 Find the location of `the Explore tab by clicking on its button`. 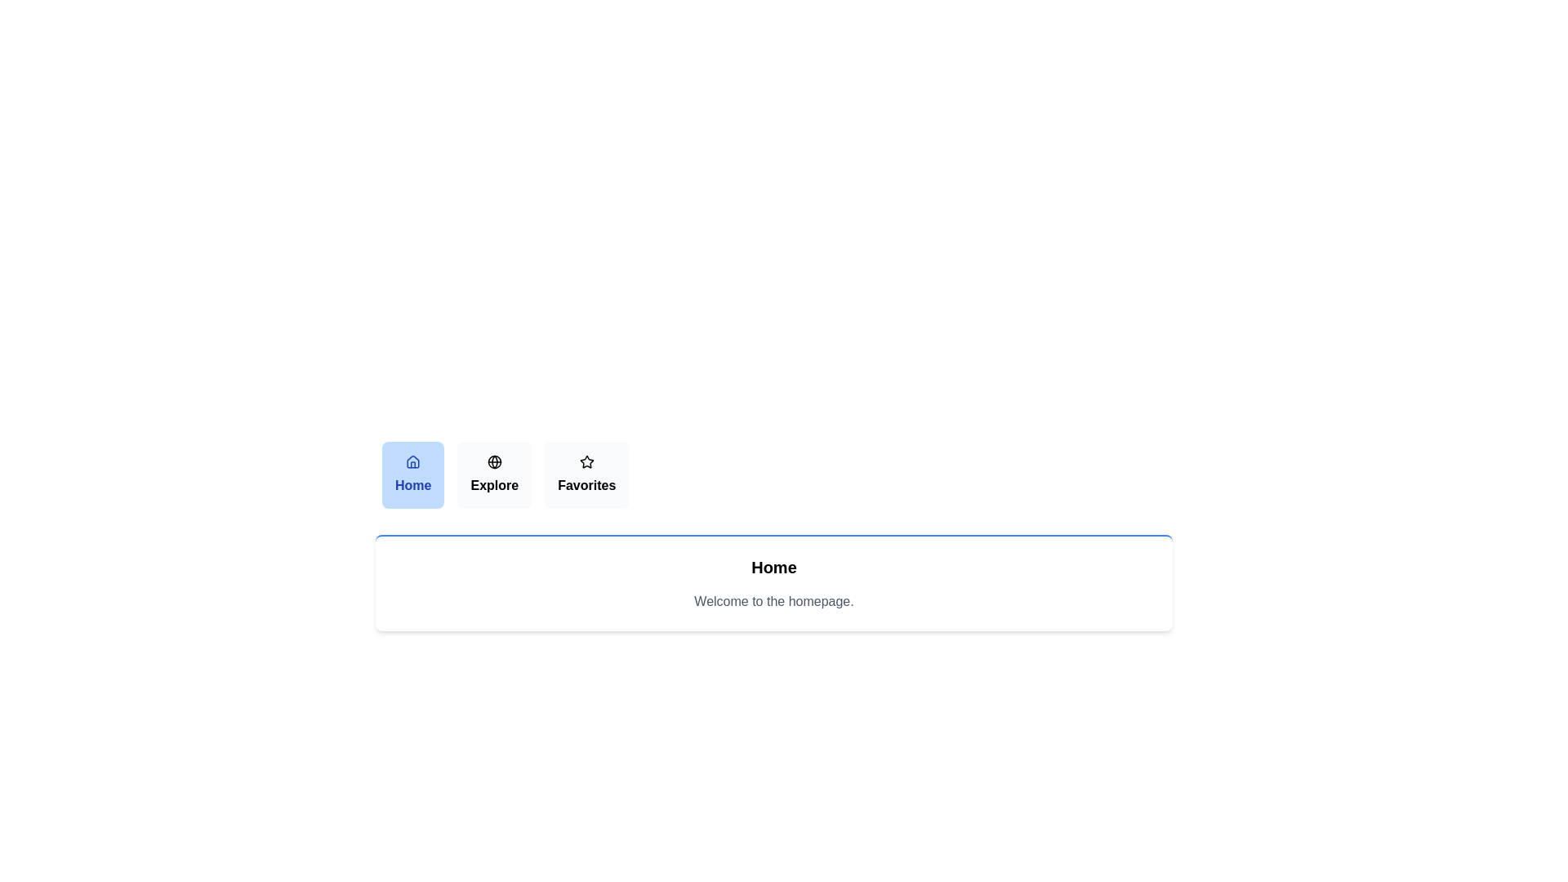

the Explore tab by clicking on its button is located at coordinates (493, 475).